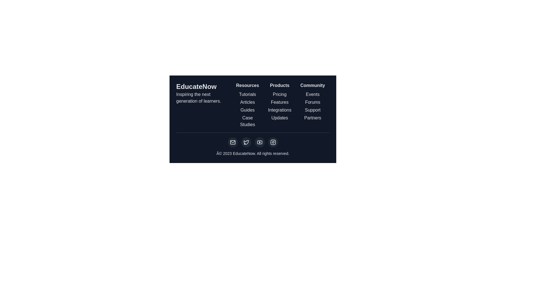 The image size is (538, 302). I want to click on the Twitter icon button located at the bottom of the interface to observe the style change, so click(246, 142).